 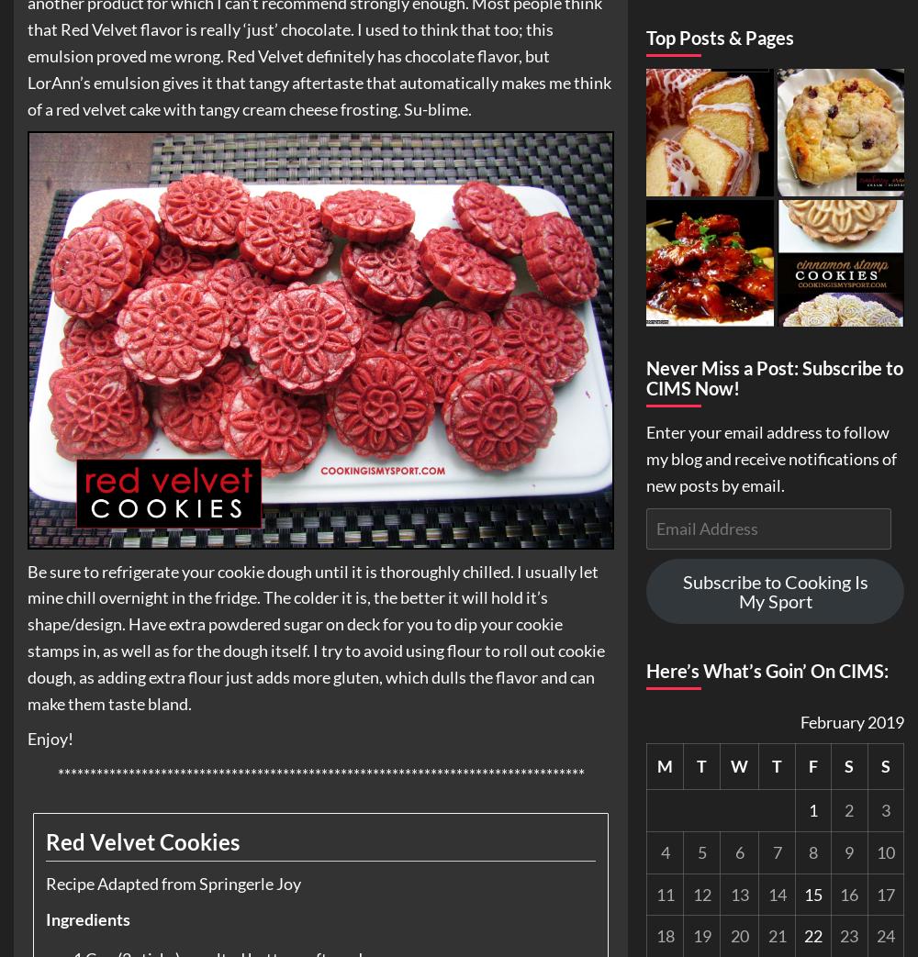 I want to click on '18', so click(x=664, y=935).